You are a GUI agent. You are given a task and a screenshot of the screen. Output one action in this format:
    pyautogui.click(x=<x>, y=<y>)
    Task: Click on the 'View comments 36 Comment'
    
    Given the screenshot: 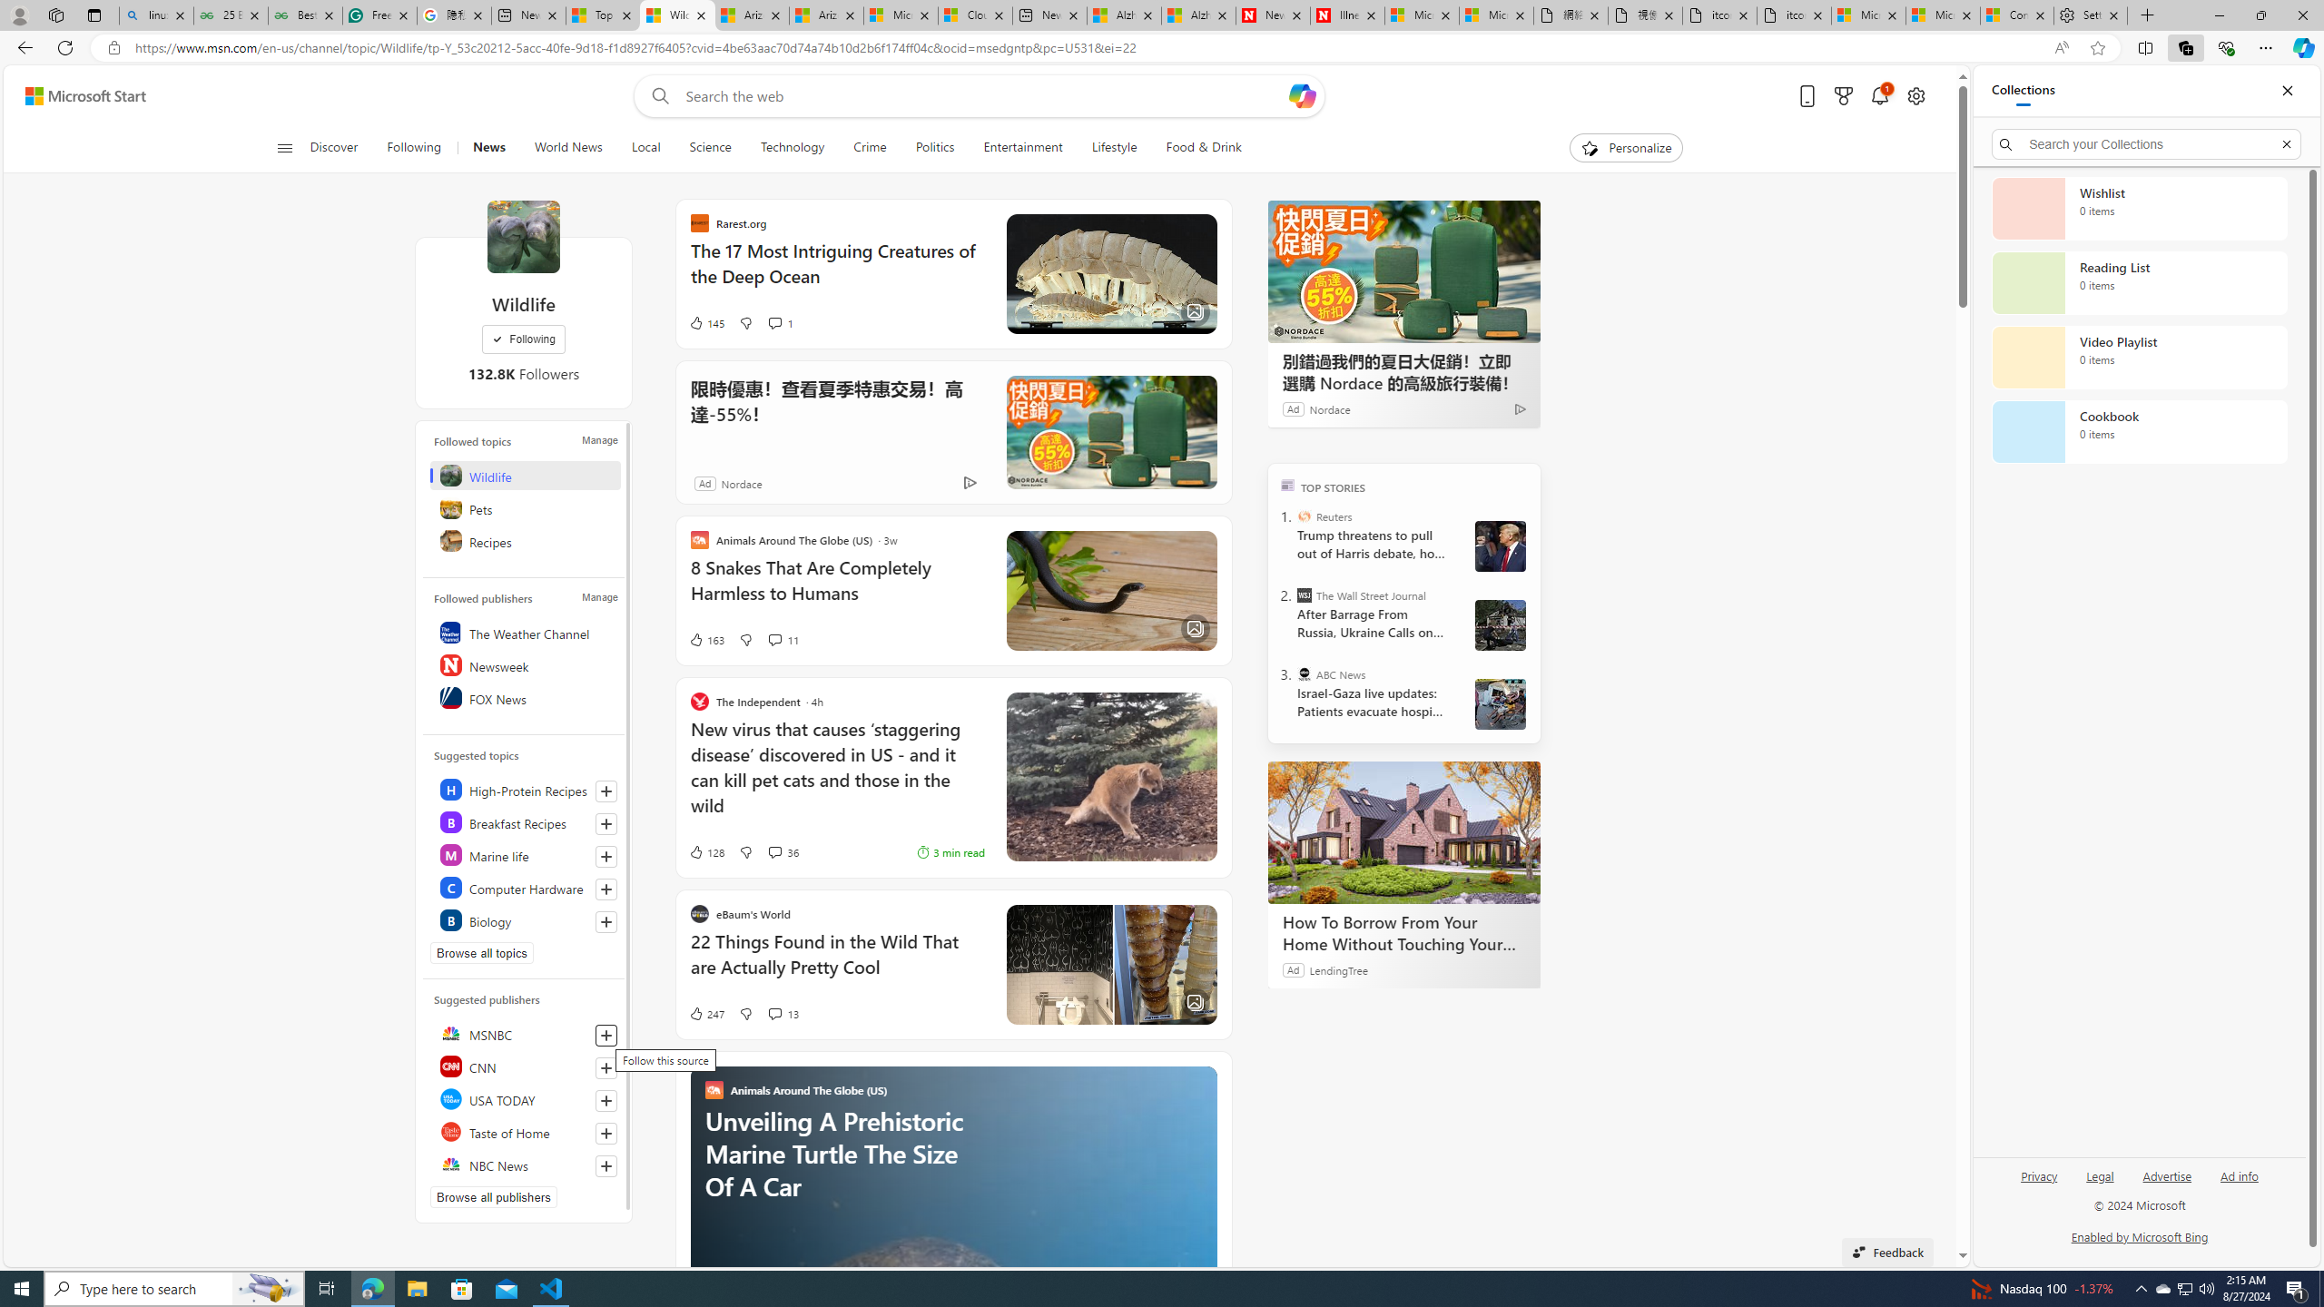 What is the action you would take?
    pyautogui.click(x=773, y=851)
    